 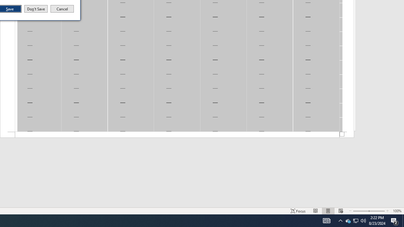 What do you see at coordinates (403, 220) in the screenshot?
I see `'Show desktop'` at bounding box center [403, 220].